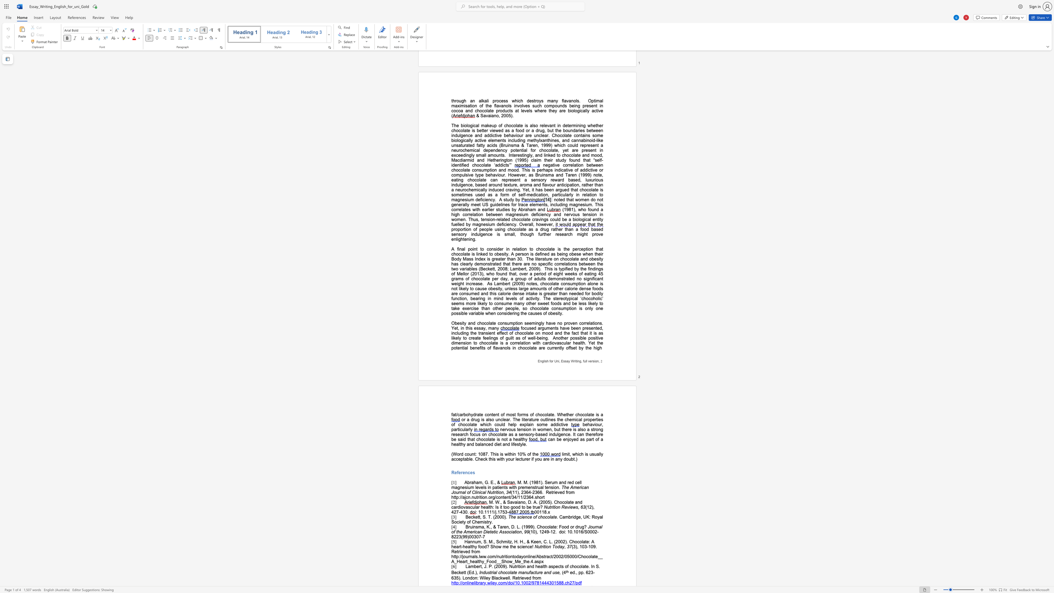 The image size is (1054, 593). What do you see at coordinates (478, 582) in the screenshot?
I see `the subset text "rary.wiley.co" within the text "http://onlinelibrary.wiley.com/doi/10.1002/9781444301588.ch27/pdf"` at bounding box center [478, 582].